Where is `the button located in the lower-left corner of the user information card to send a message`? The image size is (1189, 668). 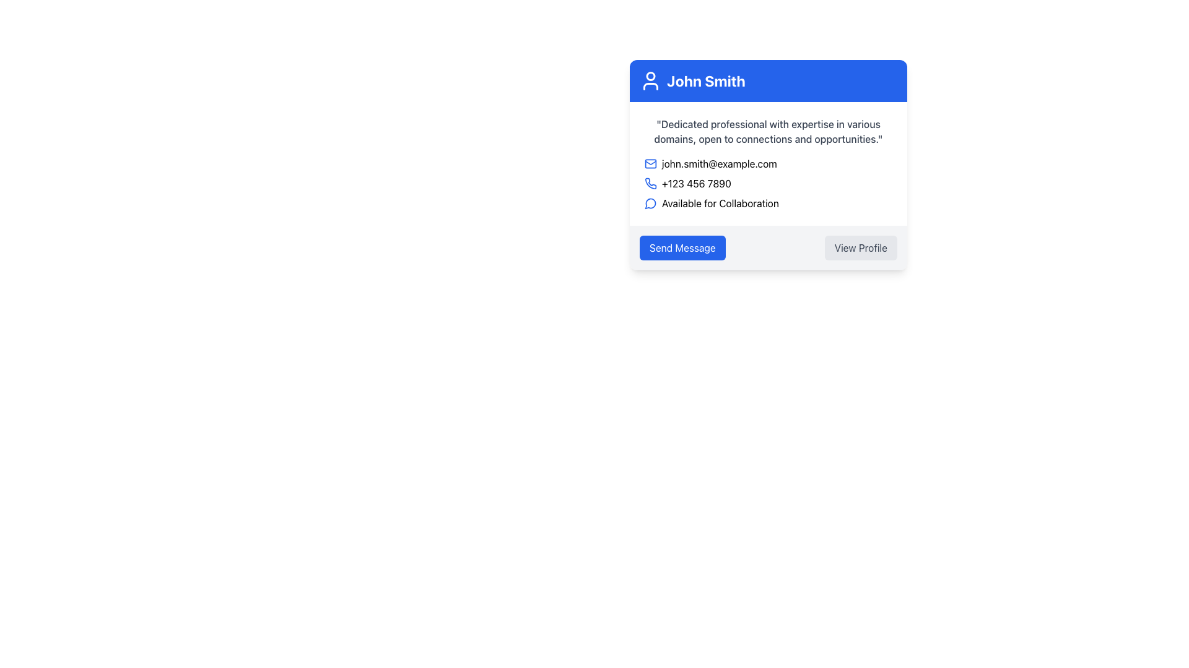
the button located in the lower-left corner of the user information card to send a message is located at coordinates (682, 248).